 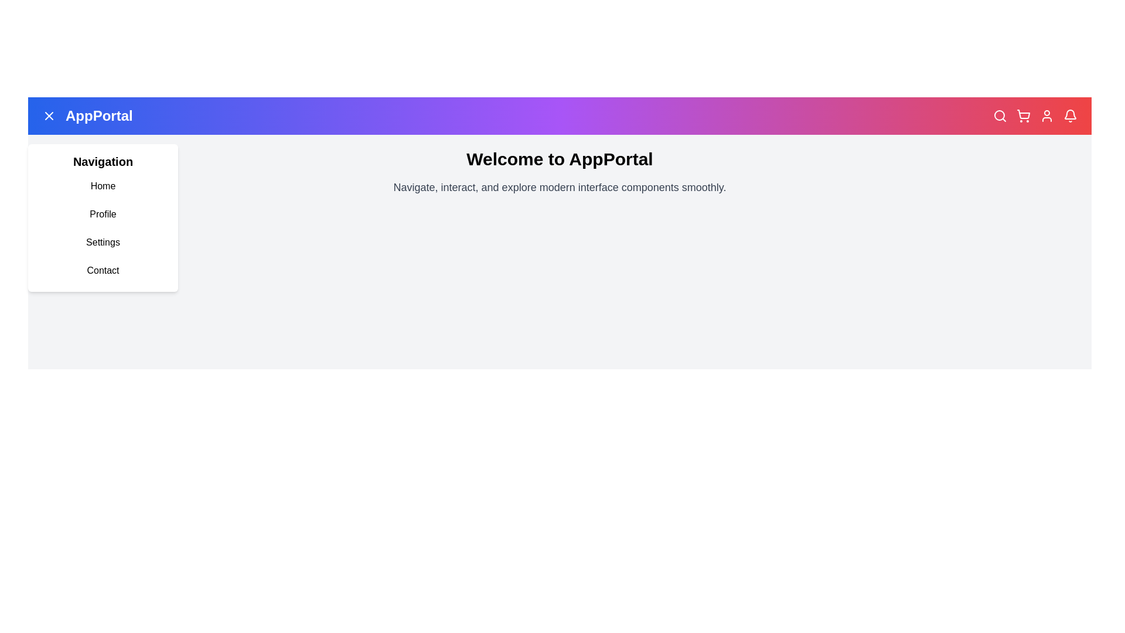 What do you see at coordinates (559, 159) in the screenshot?
I see `the bold text header saying 'Welcome to AppPortal', which is centrally aligned and prominently displayed in a large black font beneath the navigation bar` at bounding box center [559, 159].